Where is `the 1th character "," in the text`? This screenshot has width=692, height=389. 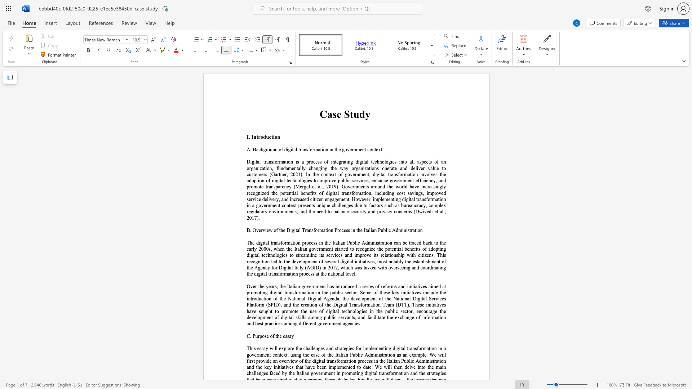 the 1th character "," in the text is located at coordinates (355, 317).